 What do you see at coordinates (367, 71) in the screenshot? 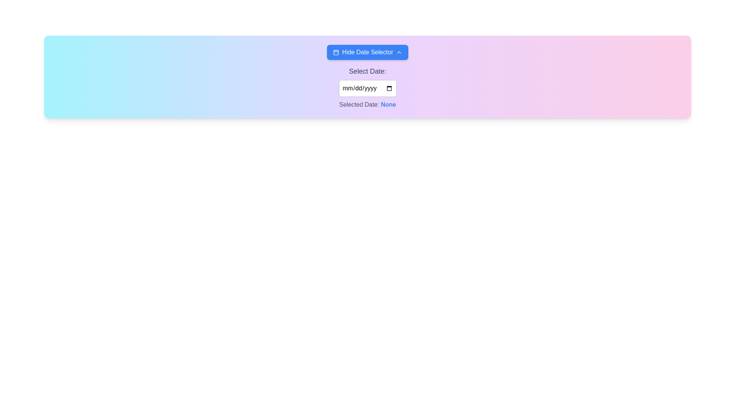
I see `the label that instructs users to select a date, which is positioned above the date input field` at bounding box center [367, 71].